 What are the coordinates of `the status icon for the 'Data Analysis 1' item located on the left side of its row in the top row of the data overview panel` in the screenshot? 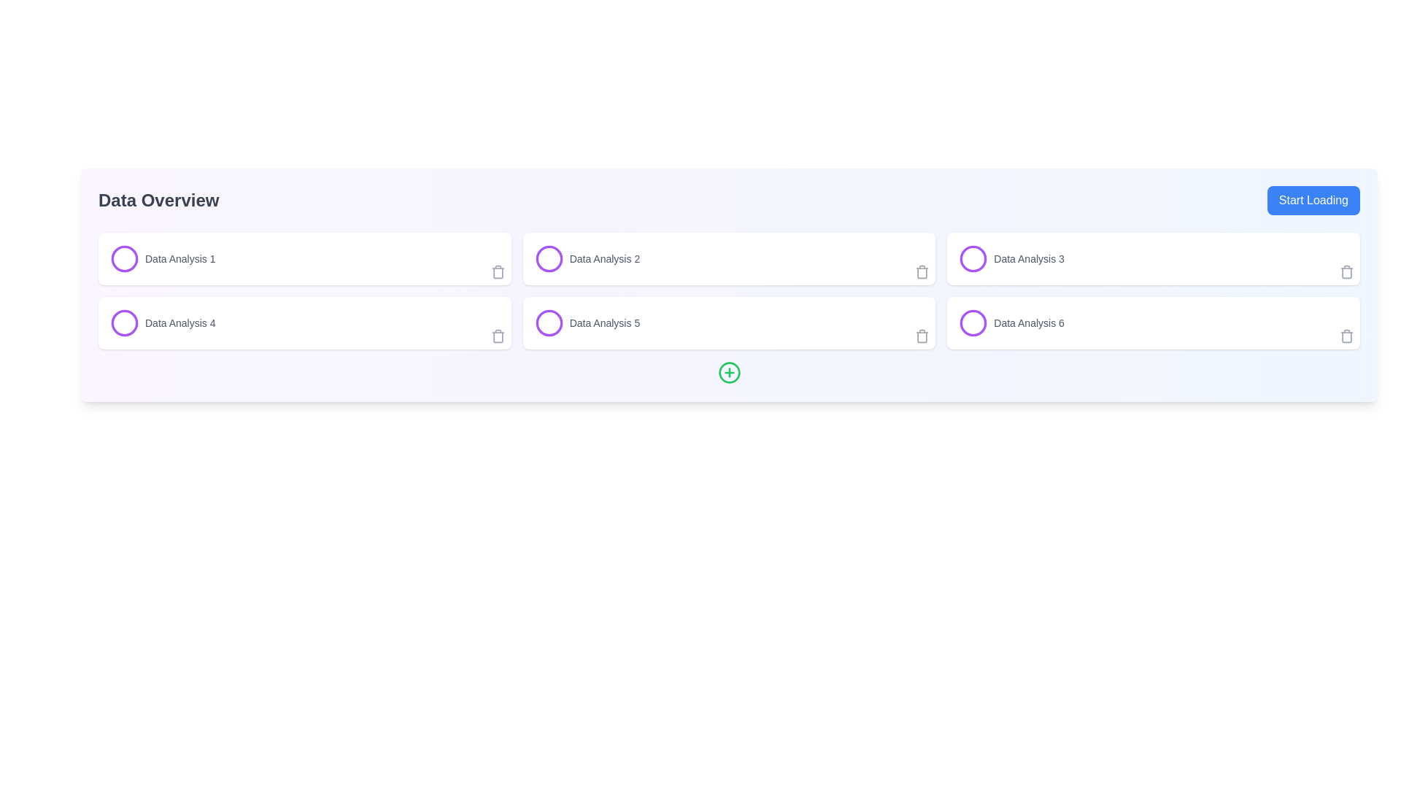 It's located at (125, 258).